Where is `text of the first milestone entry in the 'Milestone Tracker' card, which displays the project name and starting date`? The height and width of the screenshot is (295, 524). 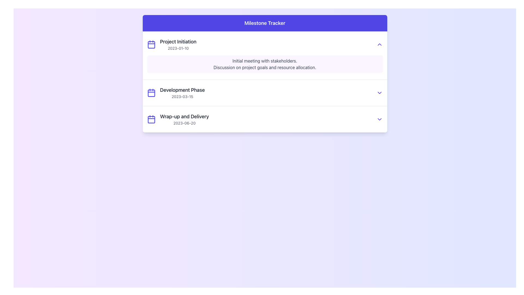
text of the first milestone entry in the 'Milestone Tracker' card, which displays the project name and starting date is located at coordinates (171, 44).